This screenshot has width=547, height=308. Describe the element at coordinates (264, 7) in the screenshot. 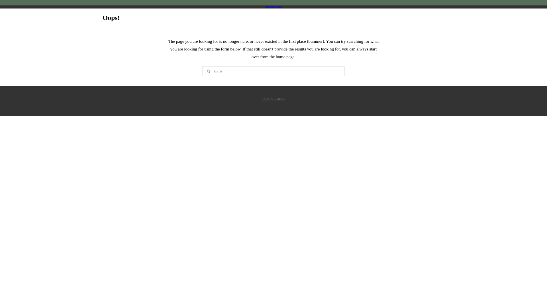

I see `'Assign a Menu'` at that location.